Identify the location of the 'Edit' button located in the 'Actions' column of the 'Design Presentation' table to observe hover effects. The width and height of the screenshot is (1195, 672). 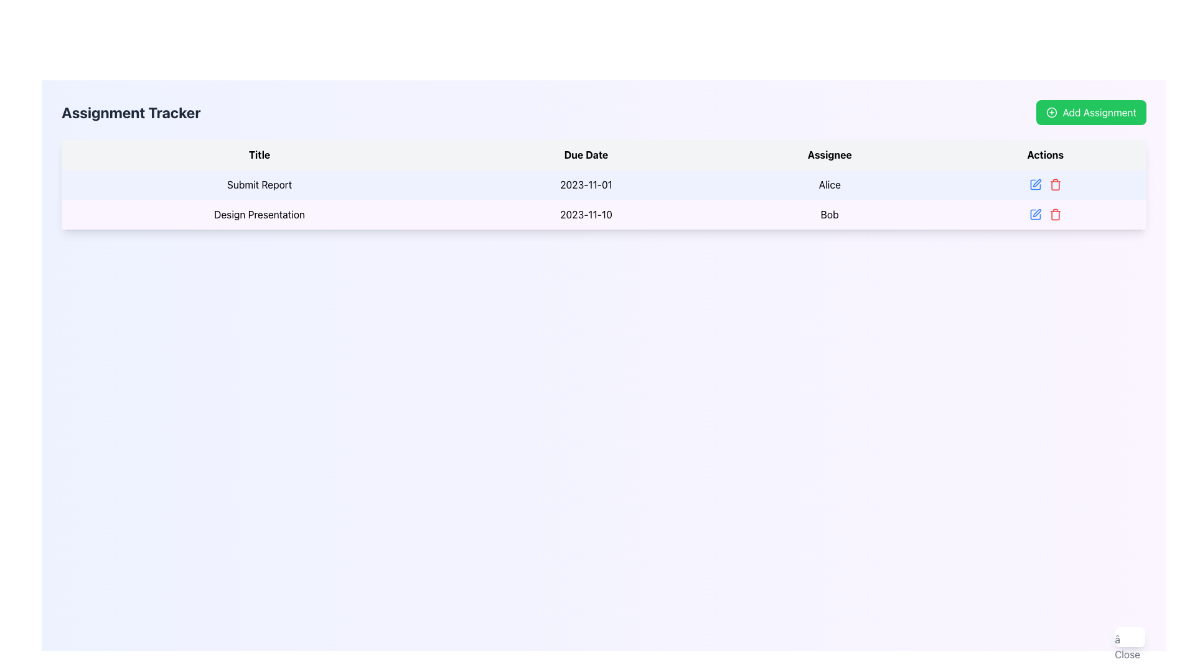
(1035, 213).